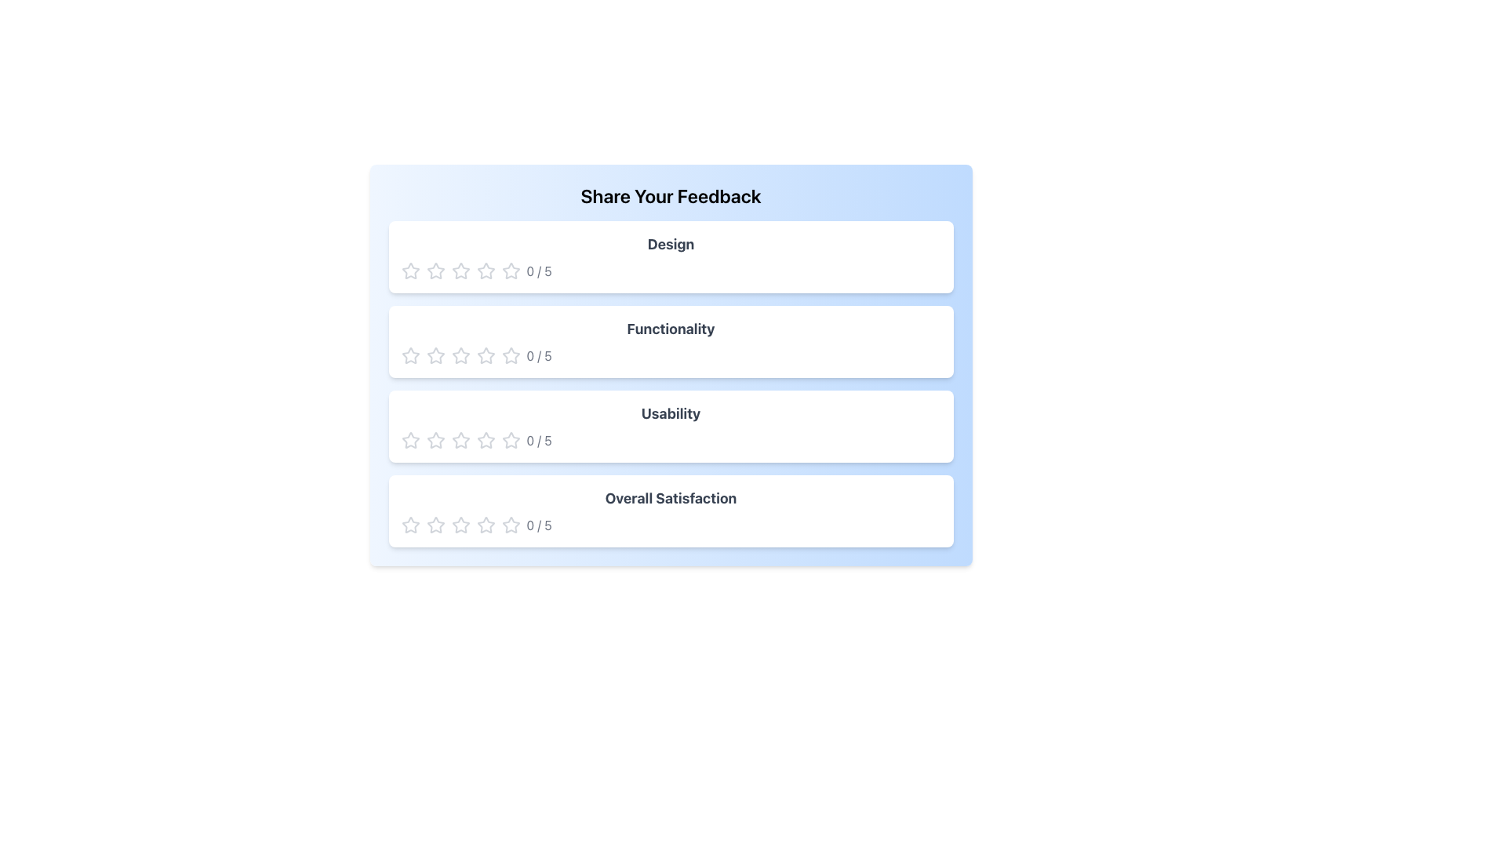  I want to click on the third star icon in the Design category of the feedback form, so click(511, 270).